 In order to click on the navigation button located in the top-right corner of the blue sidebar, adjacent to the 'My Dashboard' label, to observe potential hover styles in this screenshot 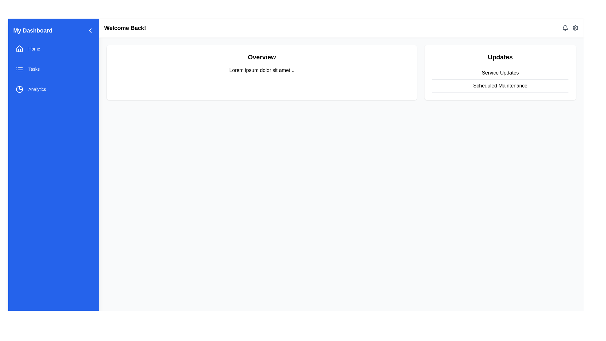, I will do `click(90, 30)`.